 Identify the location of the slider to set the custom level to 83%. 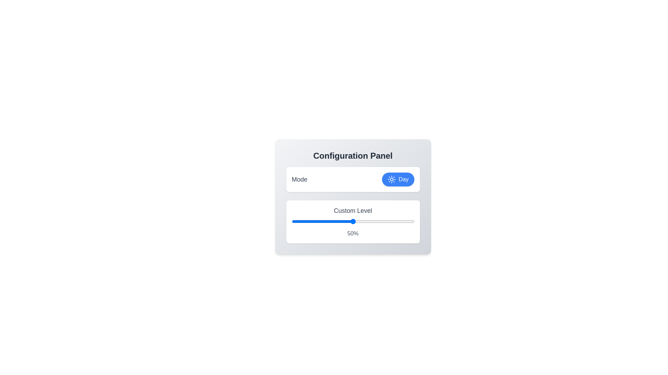
(393, 221).